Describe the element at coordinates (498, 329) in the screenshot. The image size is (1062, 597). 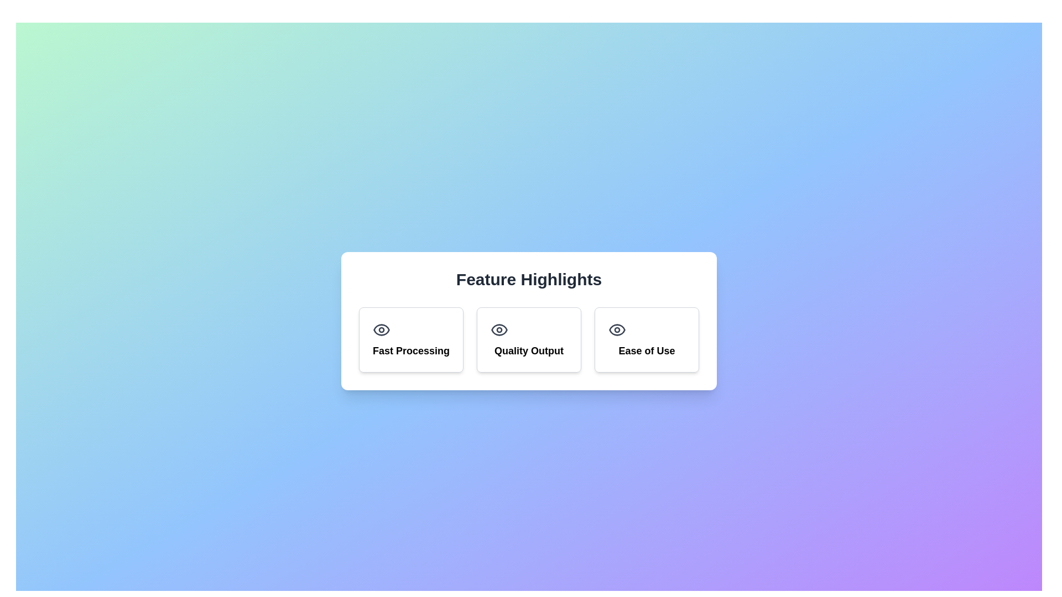
I see `the eye icon representing 'Quality Output' in the central card of the feature highlights section, located below the text 'Feature Highlights'` at that location.